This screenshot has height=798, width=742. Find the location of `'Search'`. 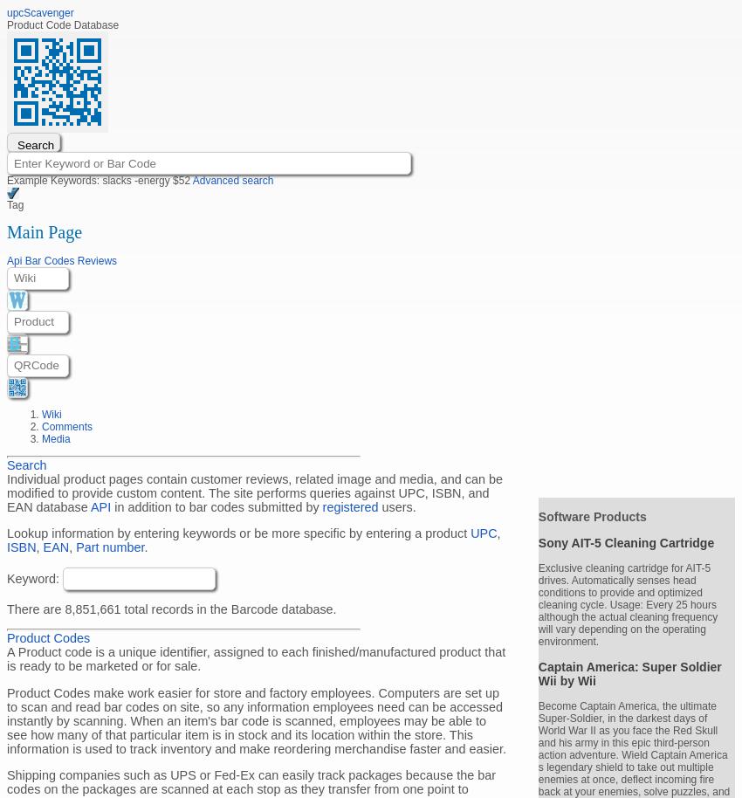

'Search' is located at coordinates (25, 464).